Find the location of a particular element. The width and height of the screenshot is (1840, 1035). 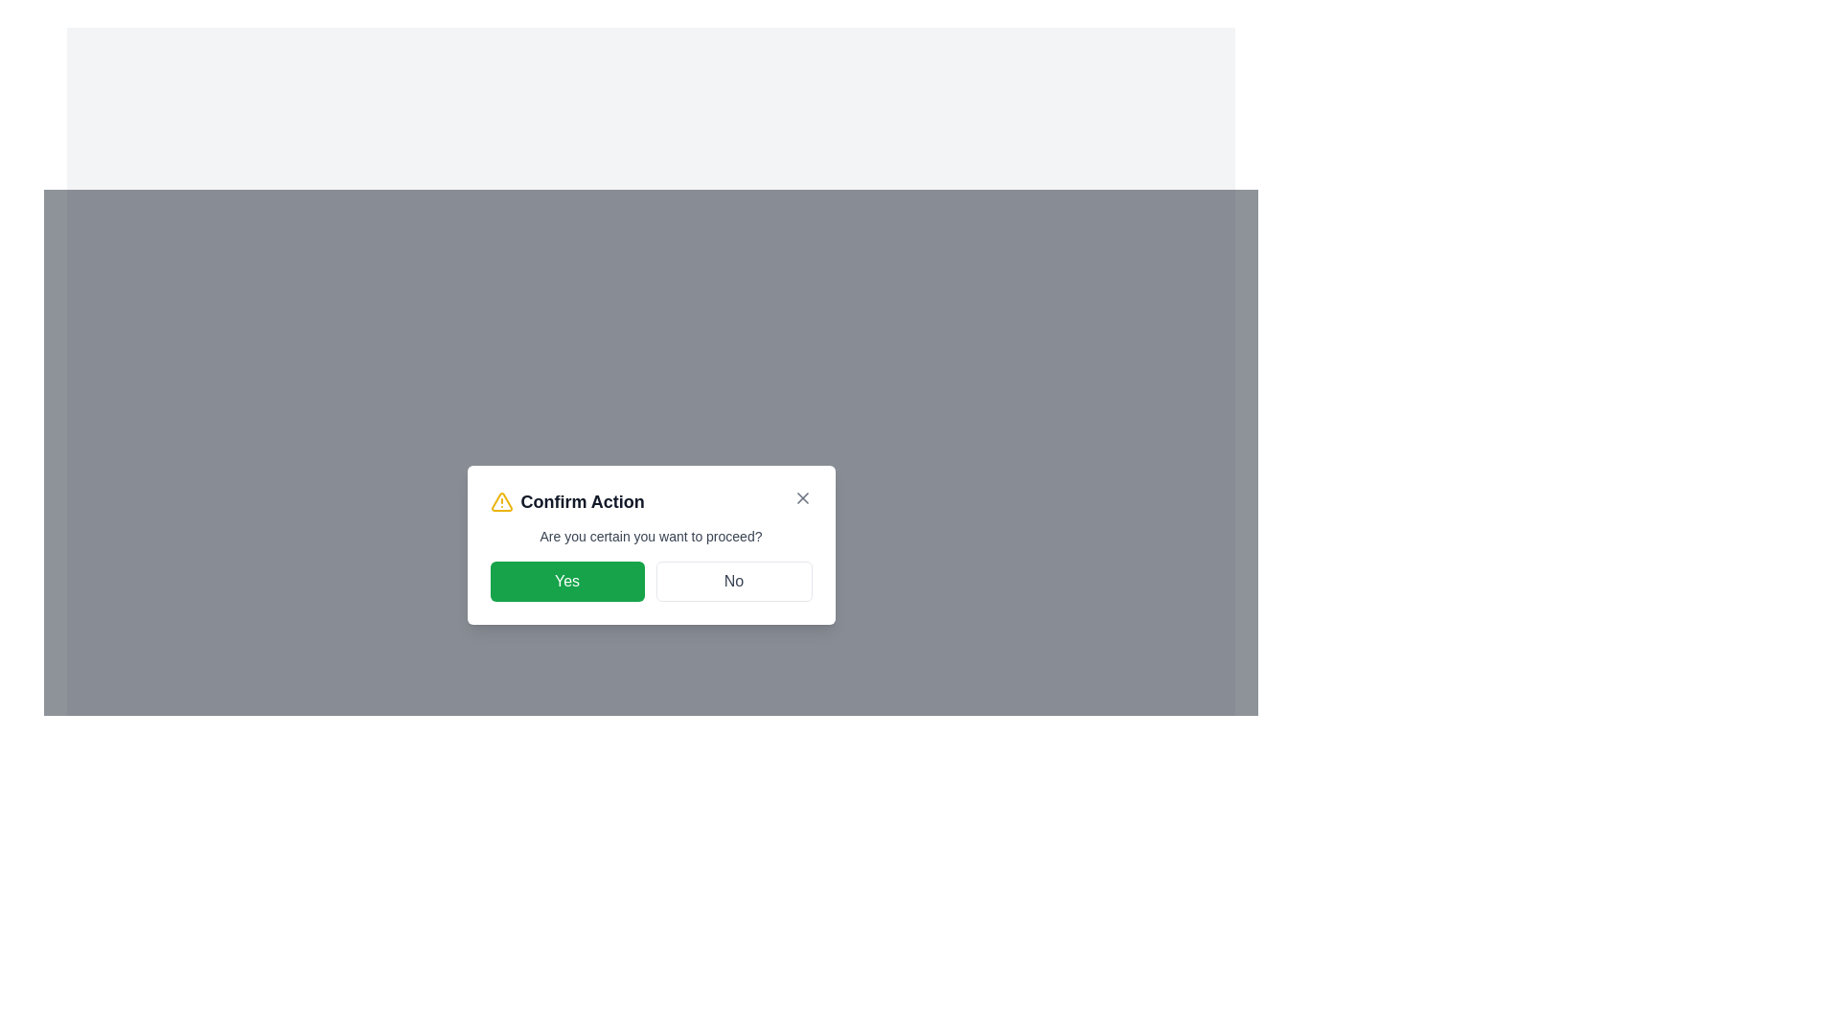

text label that says 'Confirm Action', which is styled in bold, dark gray font and is located in the top-middle of a modal dialog box is located at coordinates (582, 501).